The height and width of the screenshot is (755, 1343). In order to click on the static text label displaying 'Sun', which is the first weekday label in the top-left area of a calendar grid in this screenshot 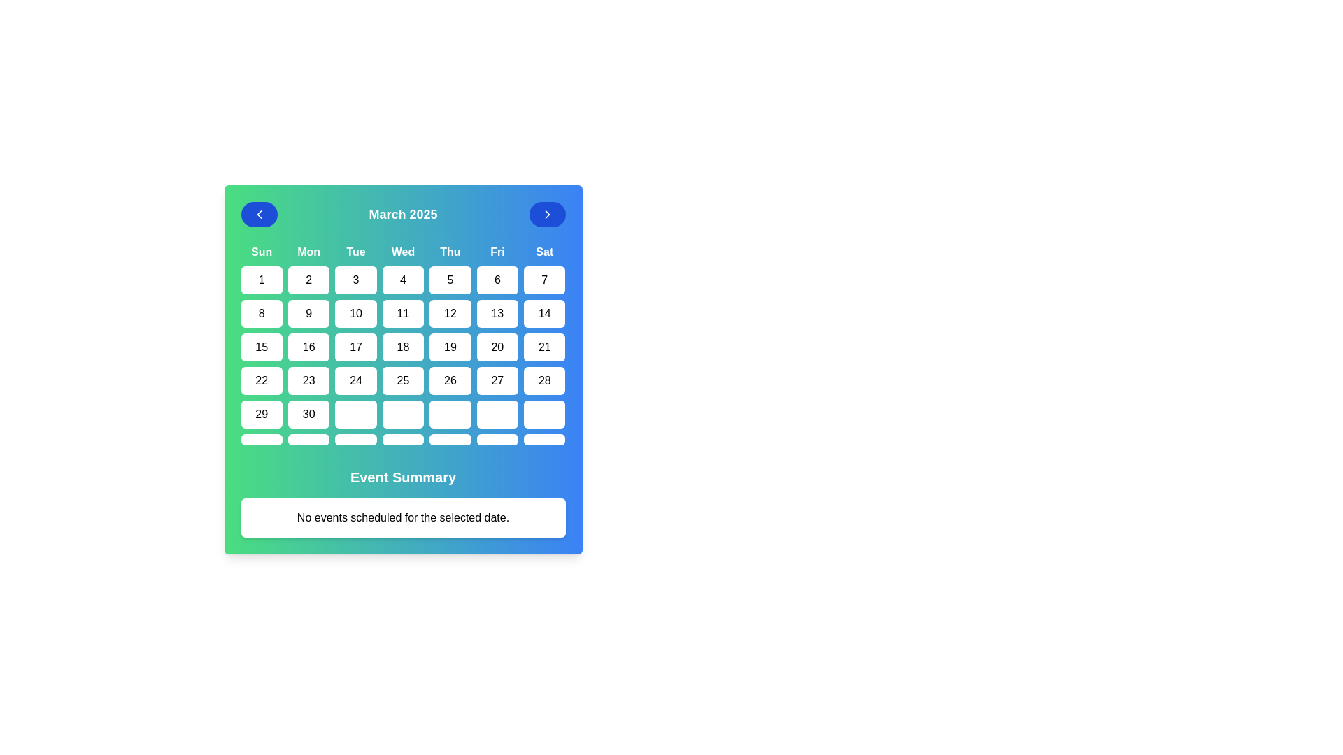, I will do `click(262, 252)`.